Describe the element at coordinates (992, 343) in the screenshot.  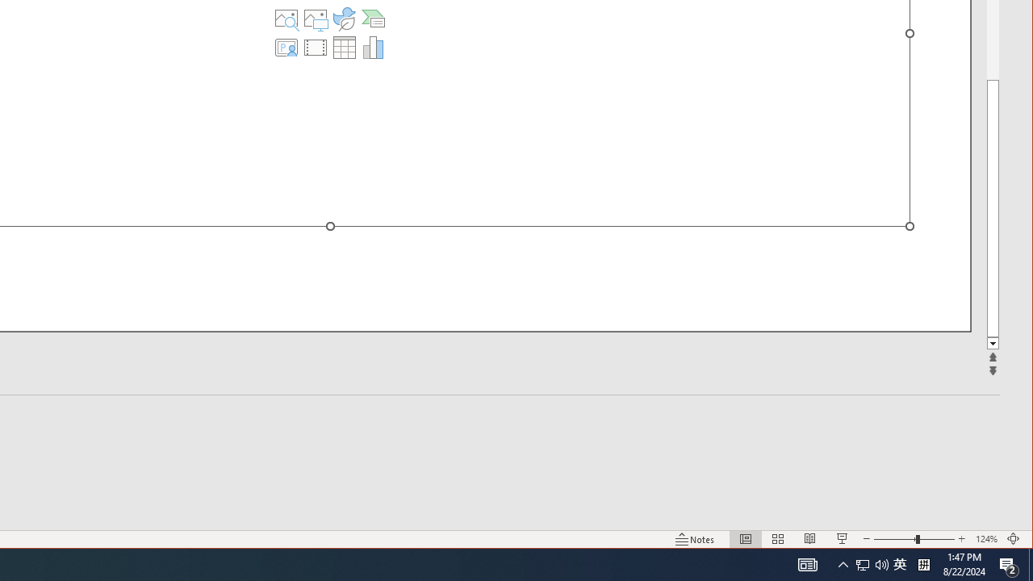
I see `'Line down'` at that location.